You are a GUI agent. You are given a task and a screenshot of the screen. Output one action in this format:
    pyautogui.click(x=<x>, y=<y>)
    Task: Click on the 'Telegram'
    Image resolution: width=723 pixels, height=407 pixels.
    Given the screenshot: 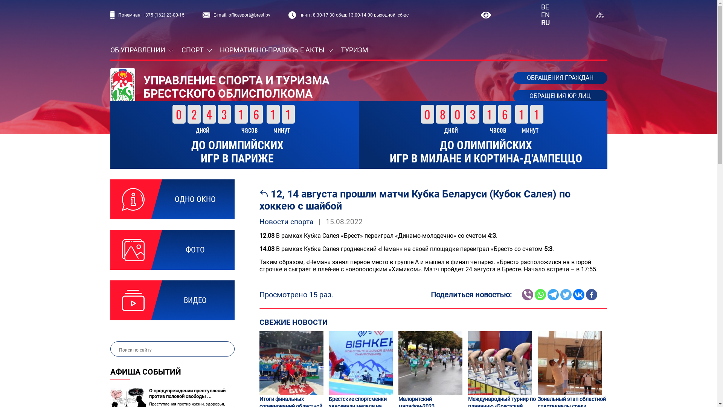 What is the action you would take?
    pyautogui.click(x=548, y=294)
    